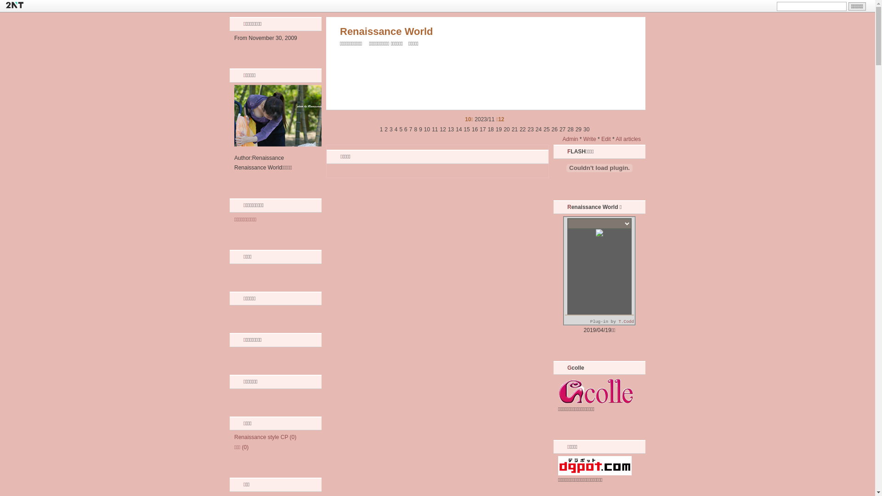 The height and width of the screenshot is (496, 882). What do you see at coordinates (628, 139) in the screenshot?
I see `'All articles'` at bounding box center [628, 139].